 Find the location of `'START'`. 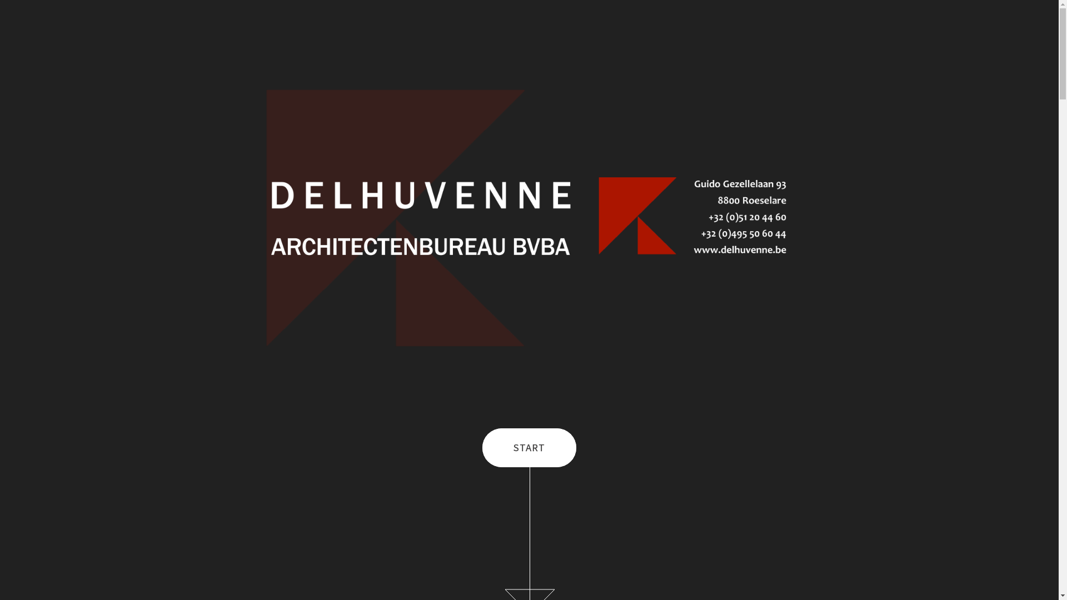

'START' is located at coordinates (528, 447).